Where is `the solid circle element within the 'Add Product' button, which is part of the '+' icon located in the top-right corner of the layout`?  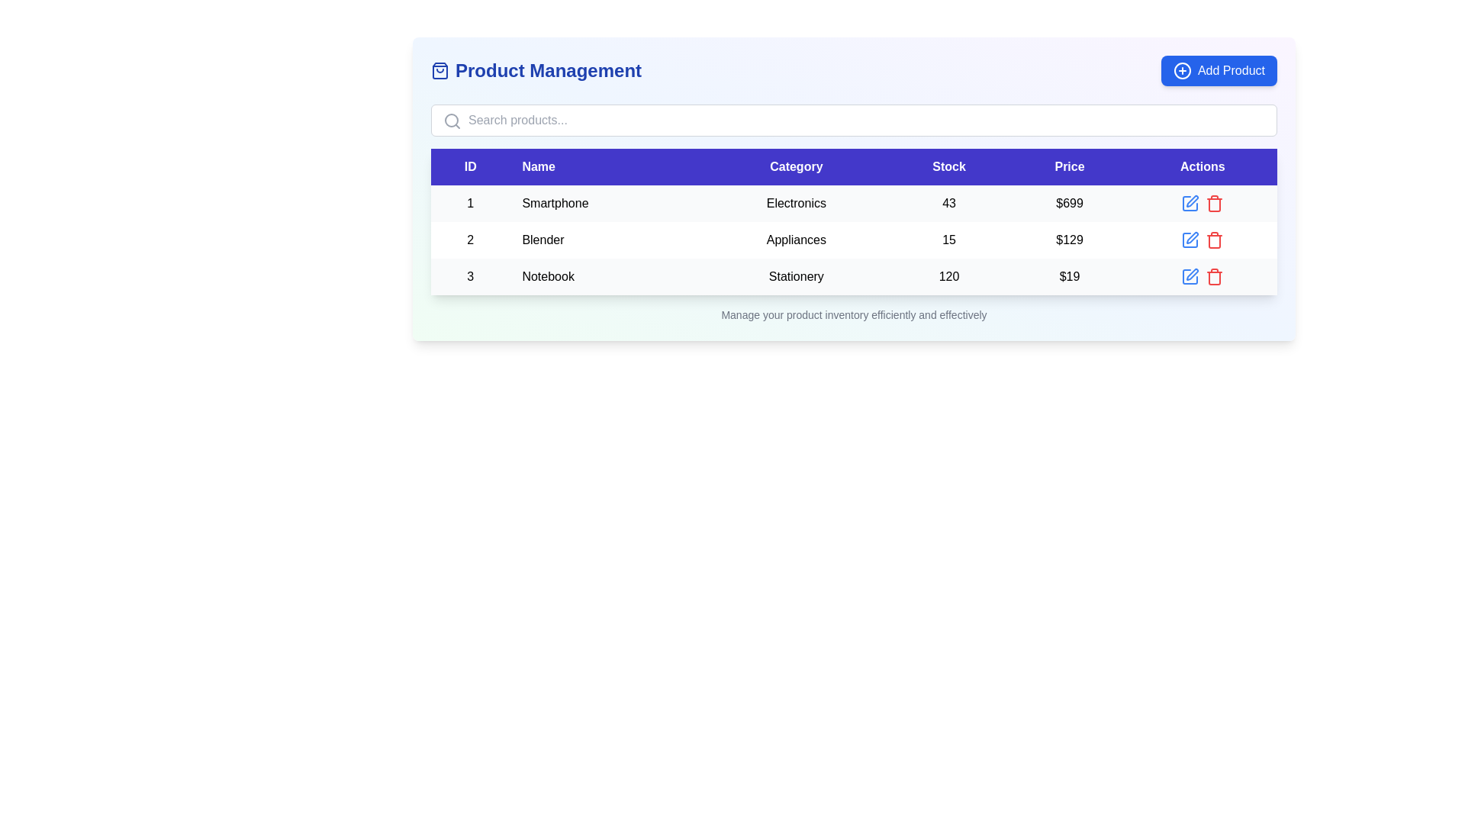
the solid circle element within the 'Add Product' button, which is part of the '+' icon located in the top-right corner of the layout is located at coordinates (1182, 70).